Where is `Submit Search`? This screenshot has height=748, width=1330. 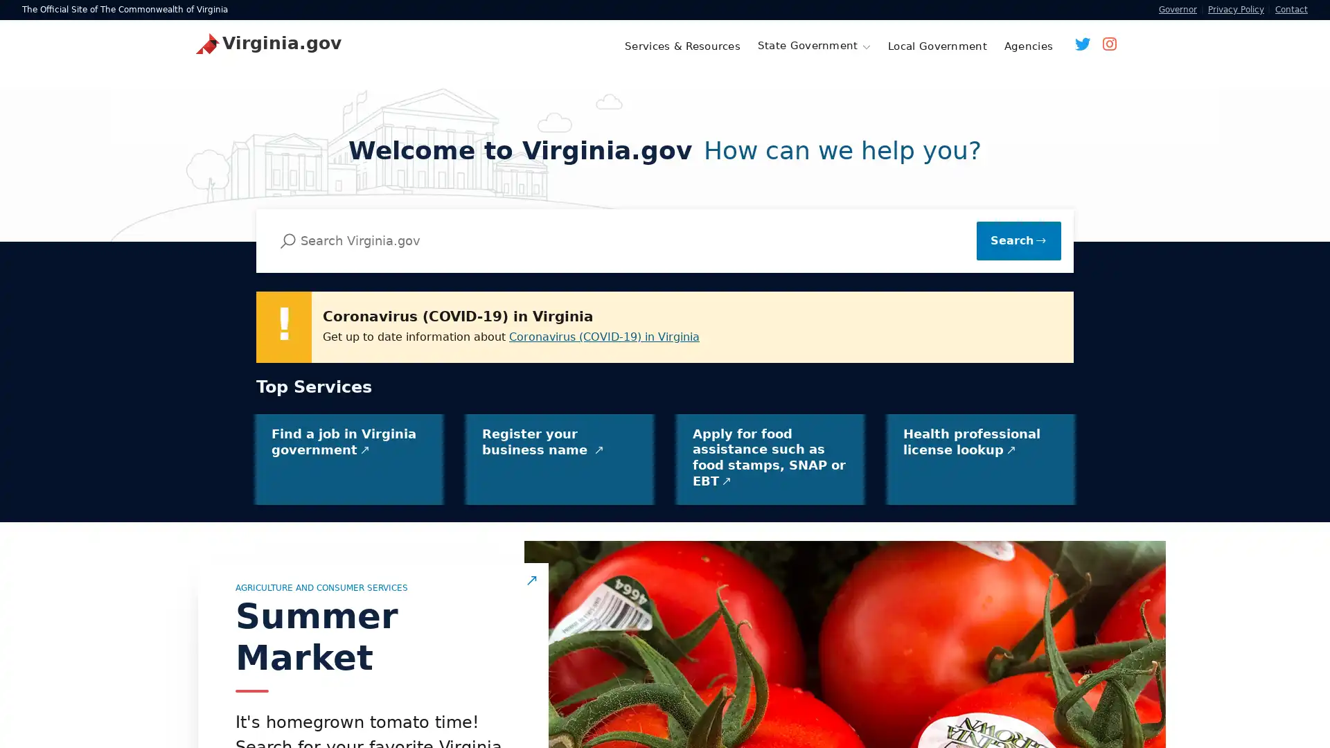 Submit Search is located at coordinates (1018, 240).